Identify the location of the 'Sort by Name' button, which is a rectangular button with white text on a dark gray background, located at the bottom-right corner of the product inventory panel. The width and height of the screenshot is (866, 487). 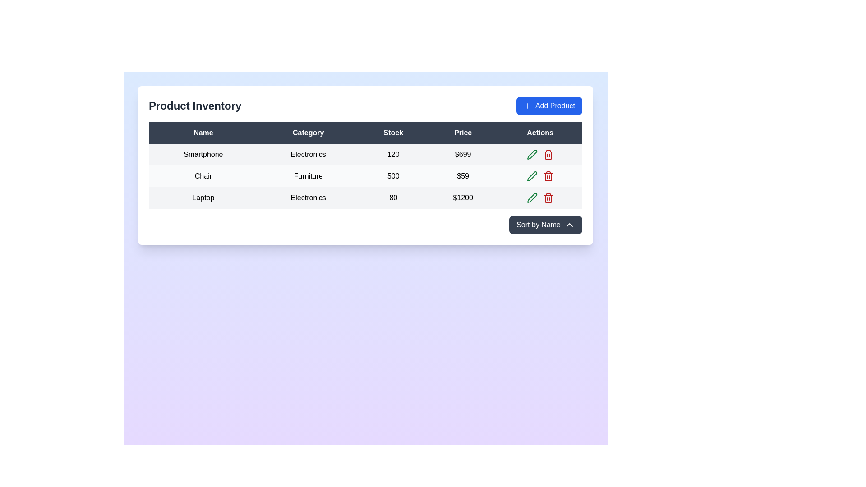
(545, 224).